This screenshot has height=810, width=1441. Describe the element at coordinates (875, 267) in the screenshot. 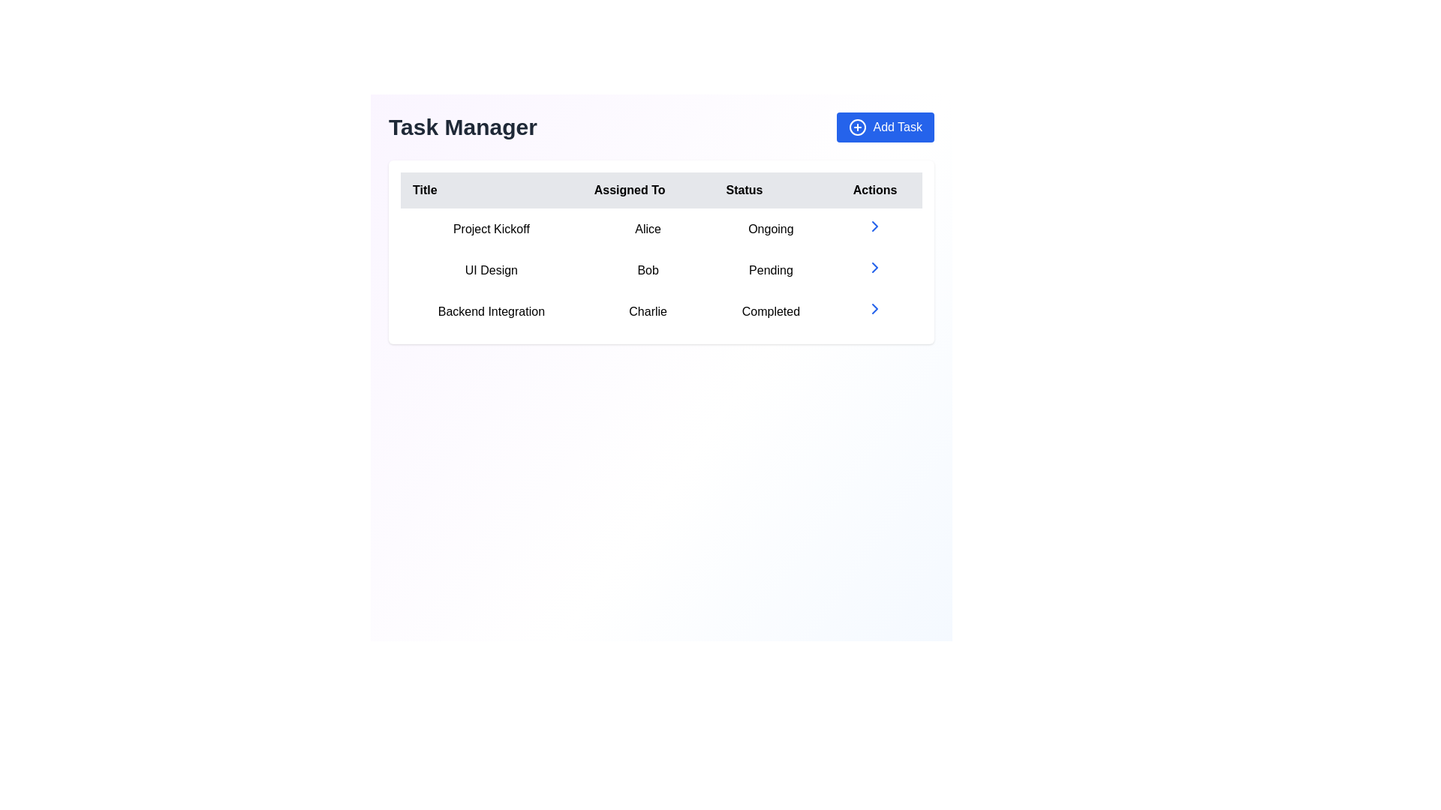

I see `the chevron icon located in the 'Actions' column of the second row in the table` at that location.